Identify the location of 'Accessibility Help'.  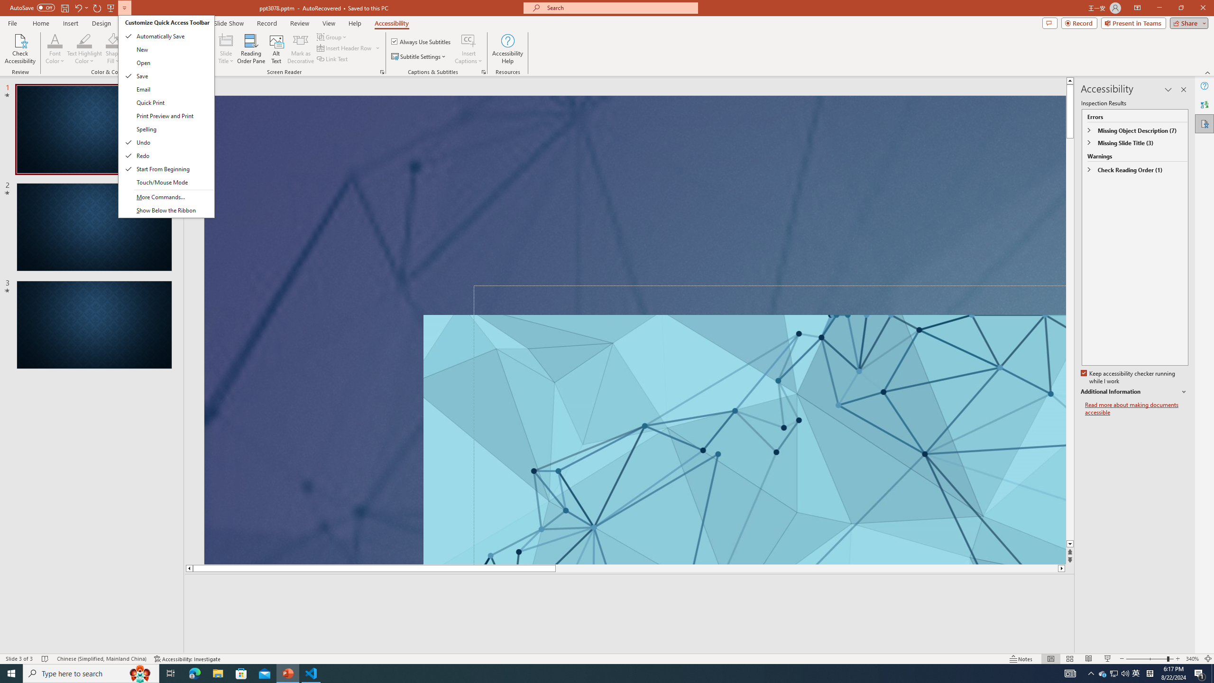
(508, 49).